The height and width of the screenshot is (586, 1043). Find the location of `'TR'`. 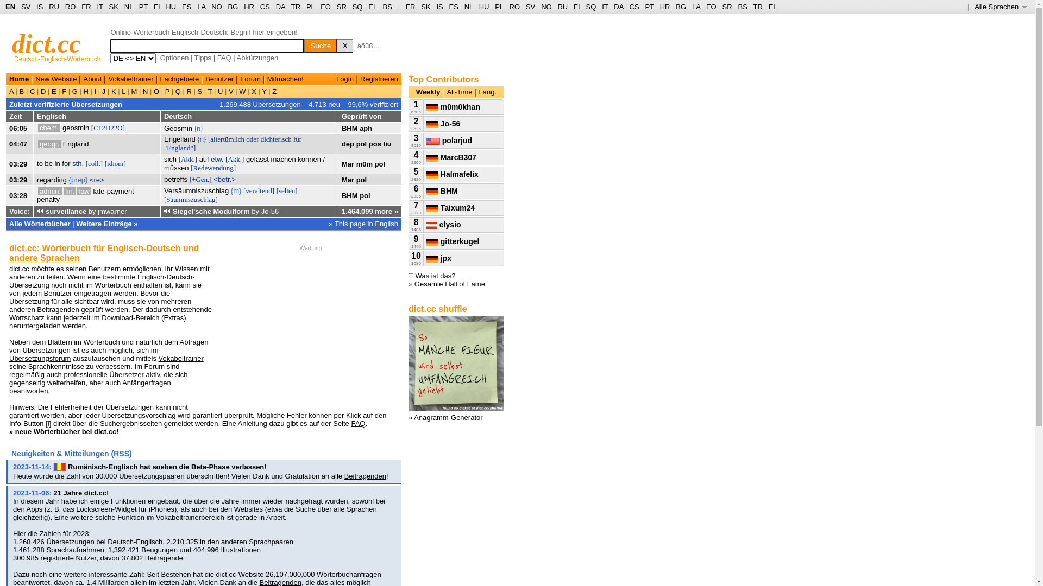

'TR' is located at coordinates (757, 7).